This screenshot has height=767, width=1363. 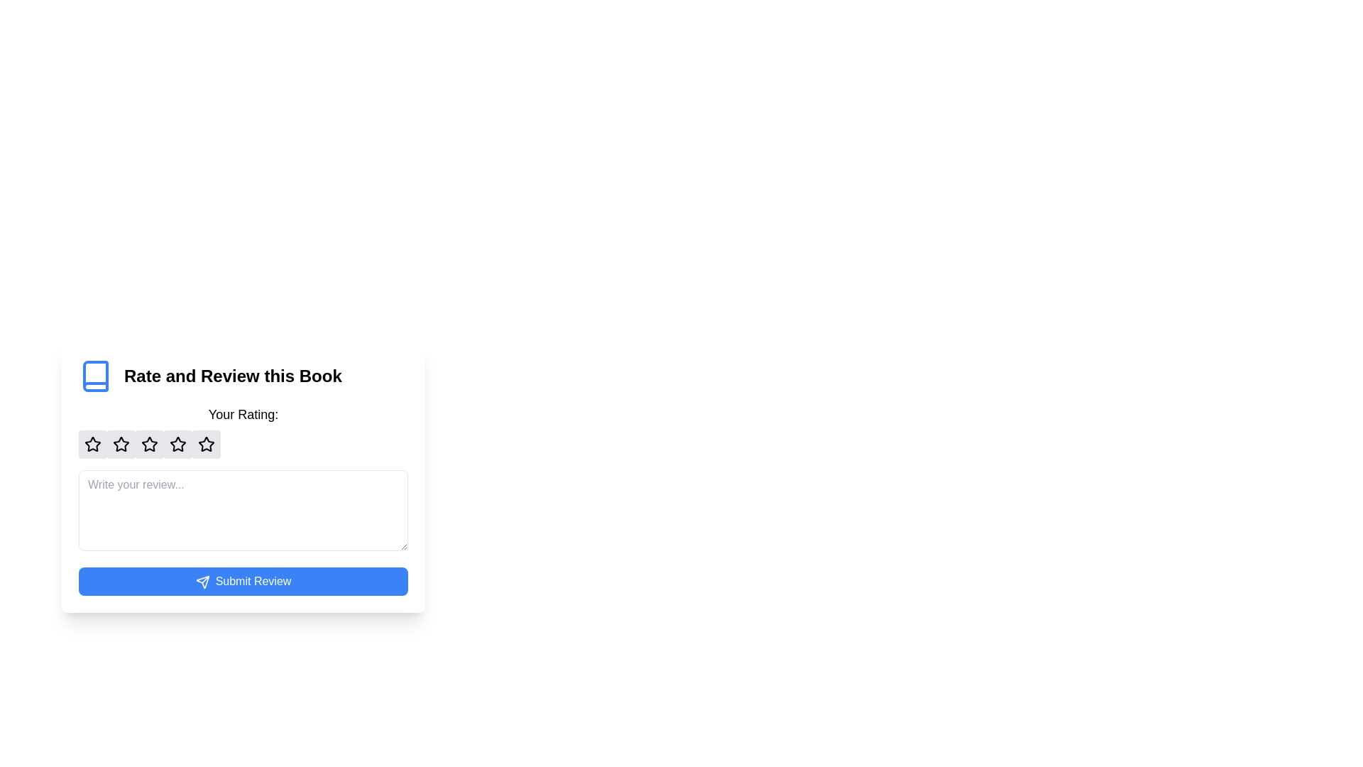 I want to click on the first outlined star icon in the five-star rating system, so click(x=92, y=443).